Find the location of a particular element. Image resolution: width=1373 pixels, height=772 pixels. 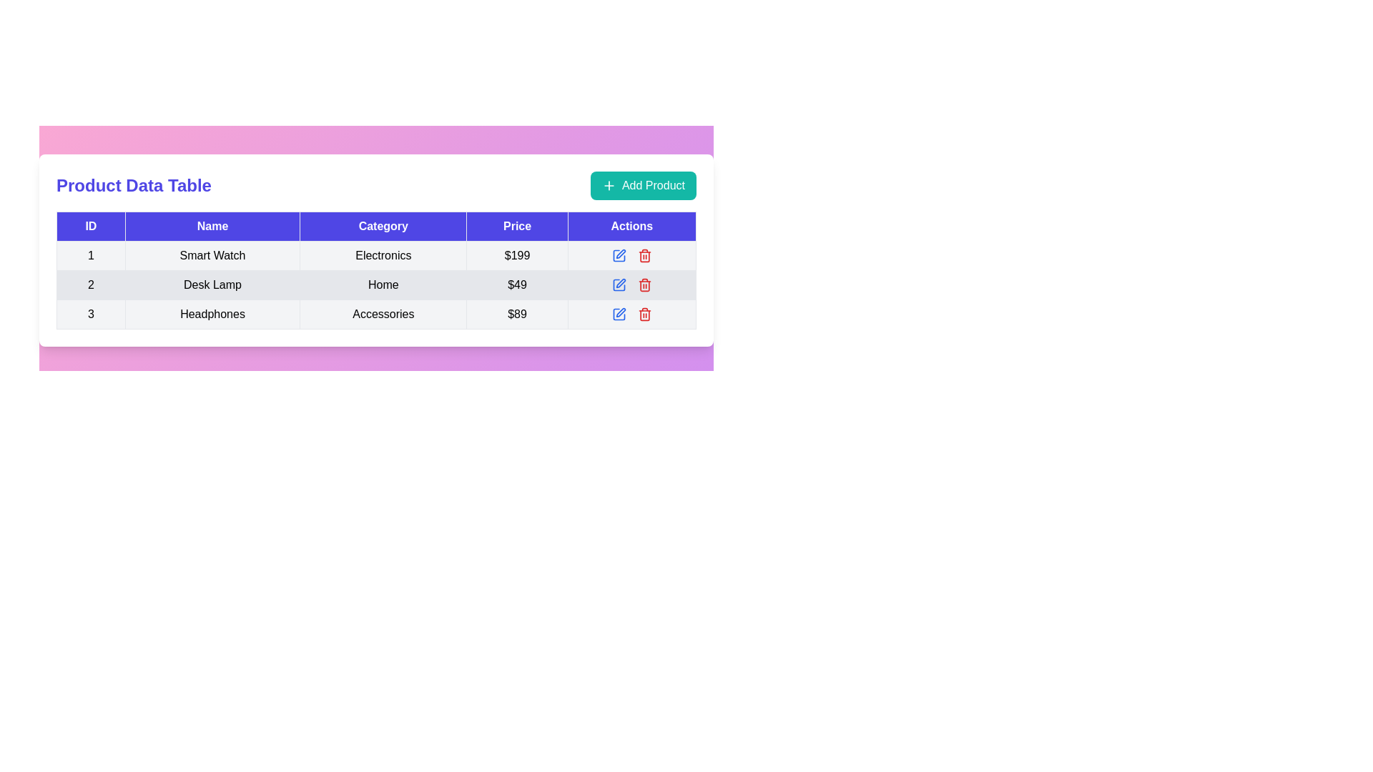

text label displaying 'Headphones' in the second column of the third row in the data table is located at coordinates (212, 313).